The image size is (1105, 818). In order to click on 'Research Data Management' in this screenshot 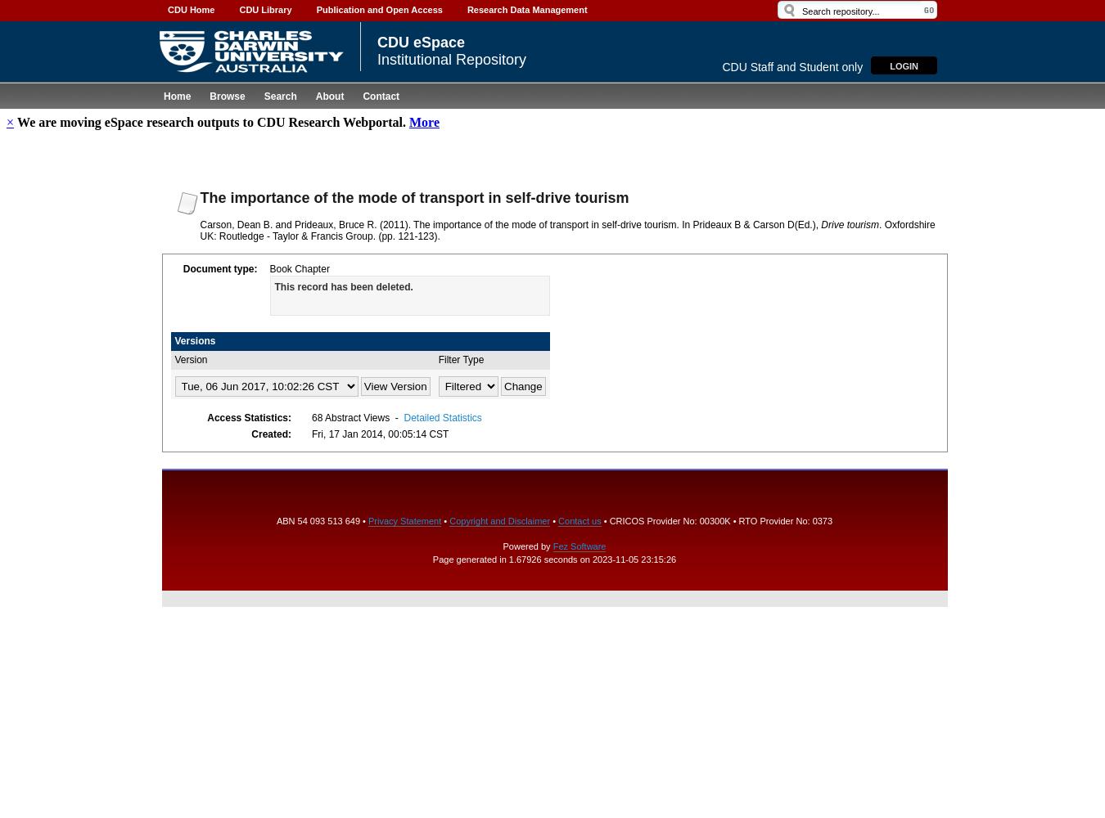, I will do `click(526, 9)`.